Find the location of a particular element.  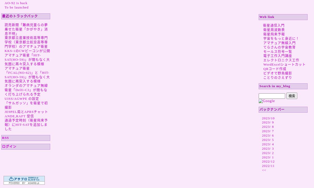

'2023/ 2' is located at coordinates (268, 152).